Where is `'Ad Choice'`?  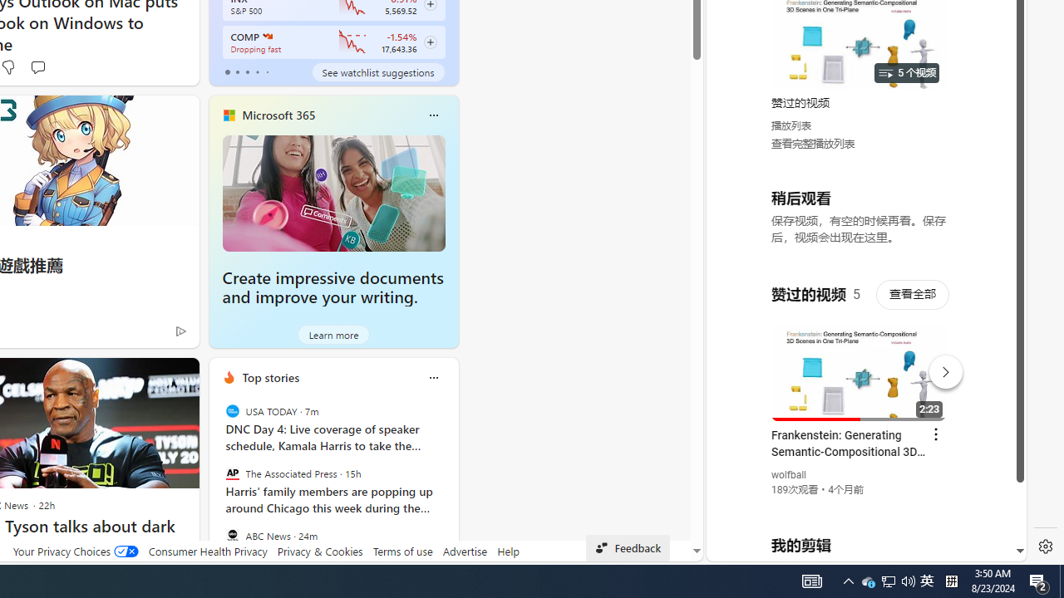 'Ad Choice' is located at coordinates (180, 331).